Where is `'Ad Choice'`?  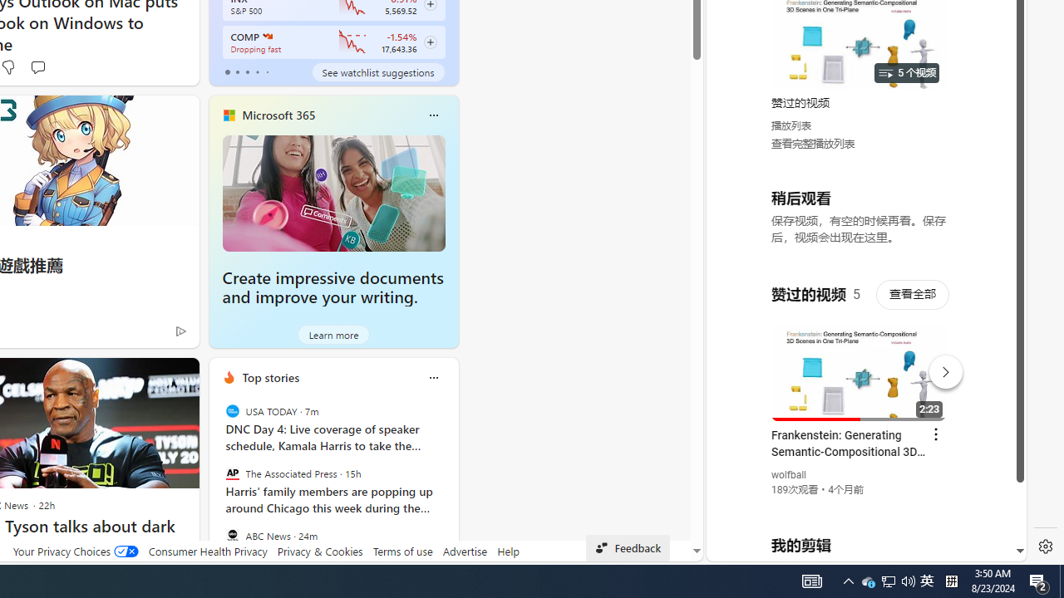 'Ad Choice' is located at coordinates (180, 331).